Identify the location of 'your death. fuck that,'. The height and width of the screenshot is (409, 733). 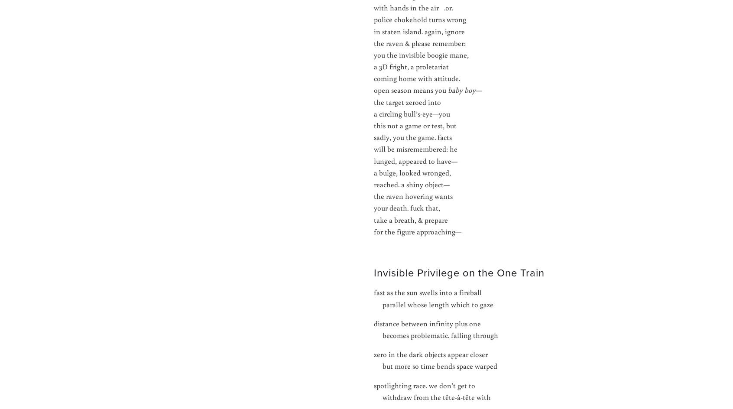
(407, 208).